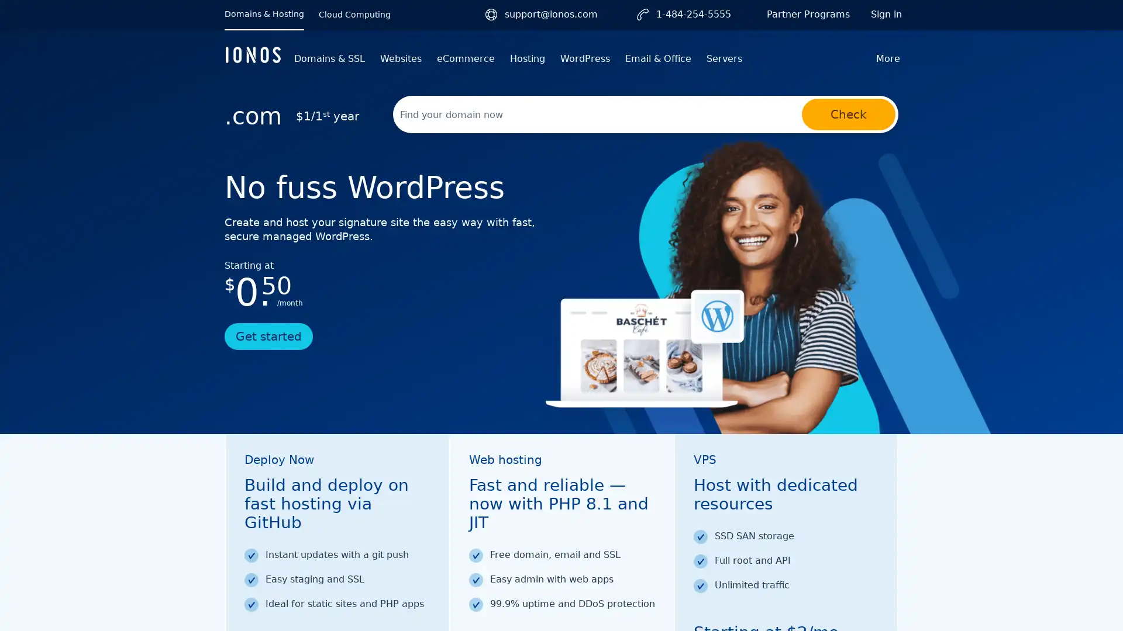 The image size is (1123, 631). I want to click on Domains & SSL, so click(328, 58).